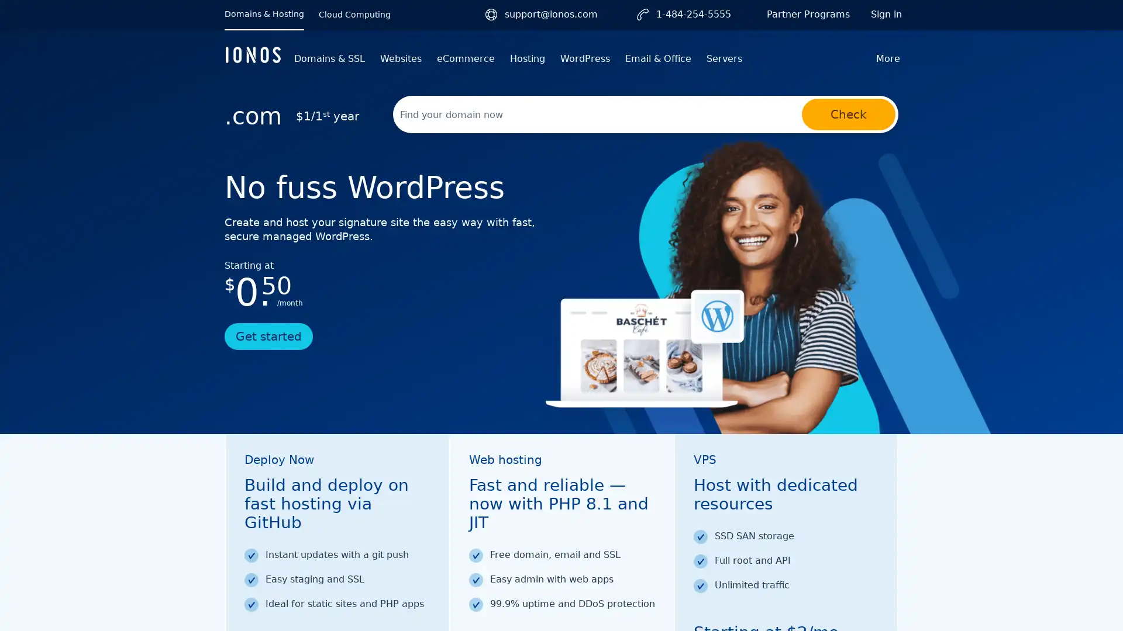 The image size is (1123, 631). I want to click on Domains & SSL, so click(328, 58).